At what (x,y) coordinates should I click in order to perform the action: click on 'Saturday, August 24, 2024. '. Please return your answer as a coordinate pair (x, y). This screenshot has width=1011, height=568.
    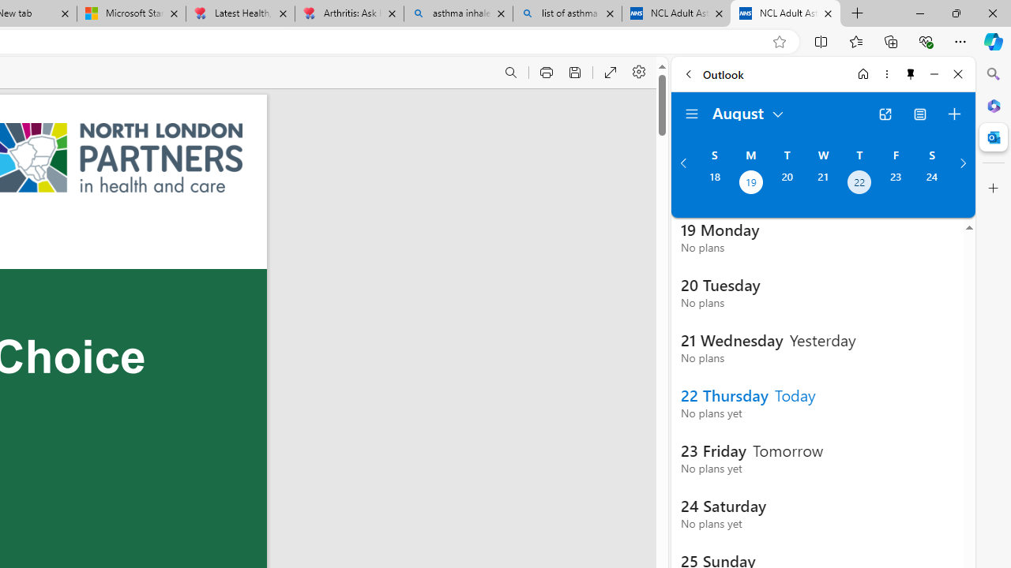
    Looking at the image, I should click on (932, 183).